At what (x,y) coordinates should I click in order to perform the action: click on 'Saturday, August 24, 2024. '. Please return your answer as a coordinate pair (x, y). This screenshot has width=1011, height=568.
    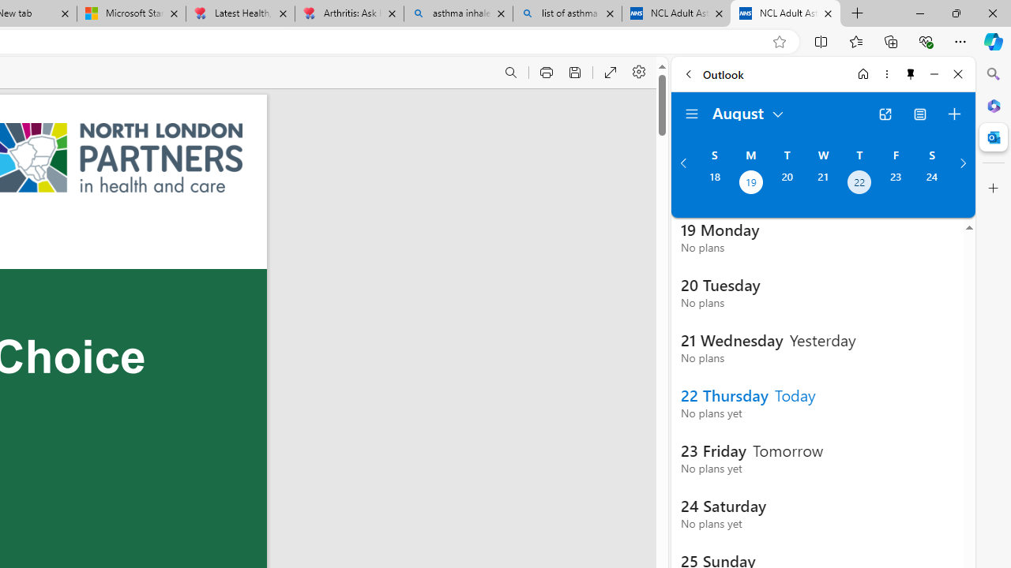
    Looking at the image, I should click on (932, 183).